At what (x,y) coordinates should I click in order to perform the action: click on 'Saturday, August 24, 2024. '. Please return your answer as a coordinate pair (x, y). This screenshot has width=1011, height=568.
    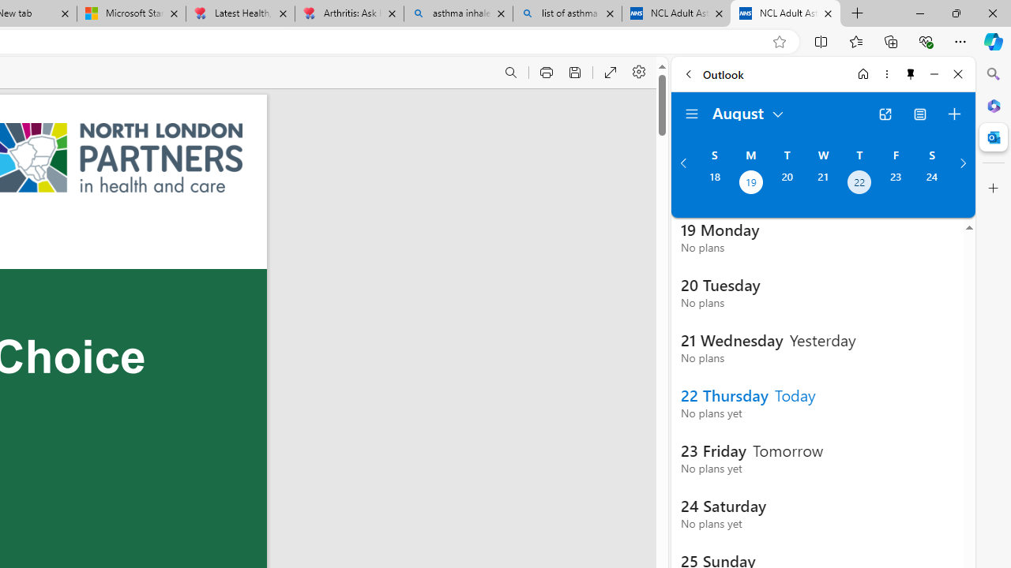
    Looking at the image, I should click on (932, 183).